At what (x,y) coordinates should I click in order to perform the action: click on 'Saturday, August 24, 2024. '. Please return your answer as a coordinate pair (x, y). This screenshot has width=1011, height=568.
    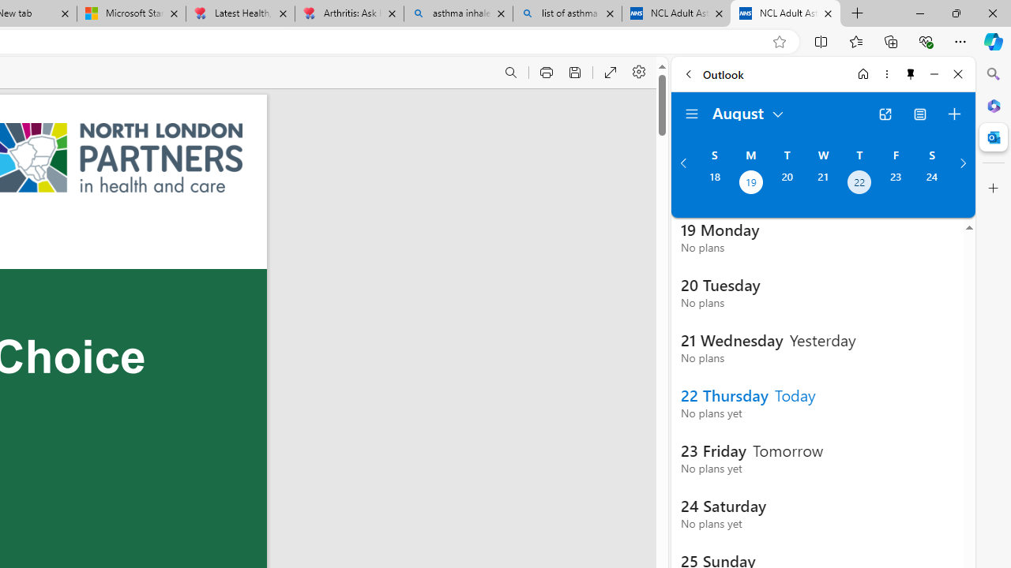
    Looking at the image, I should click on (932, 183).